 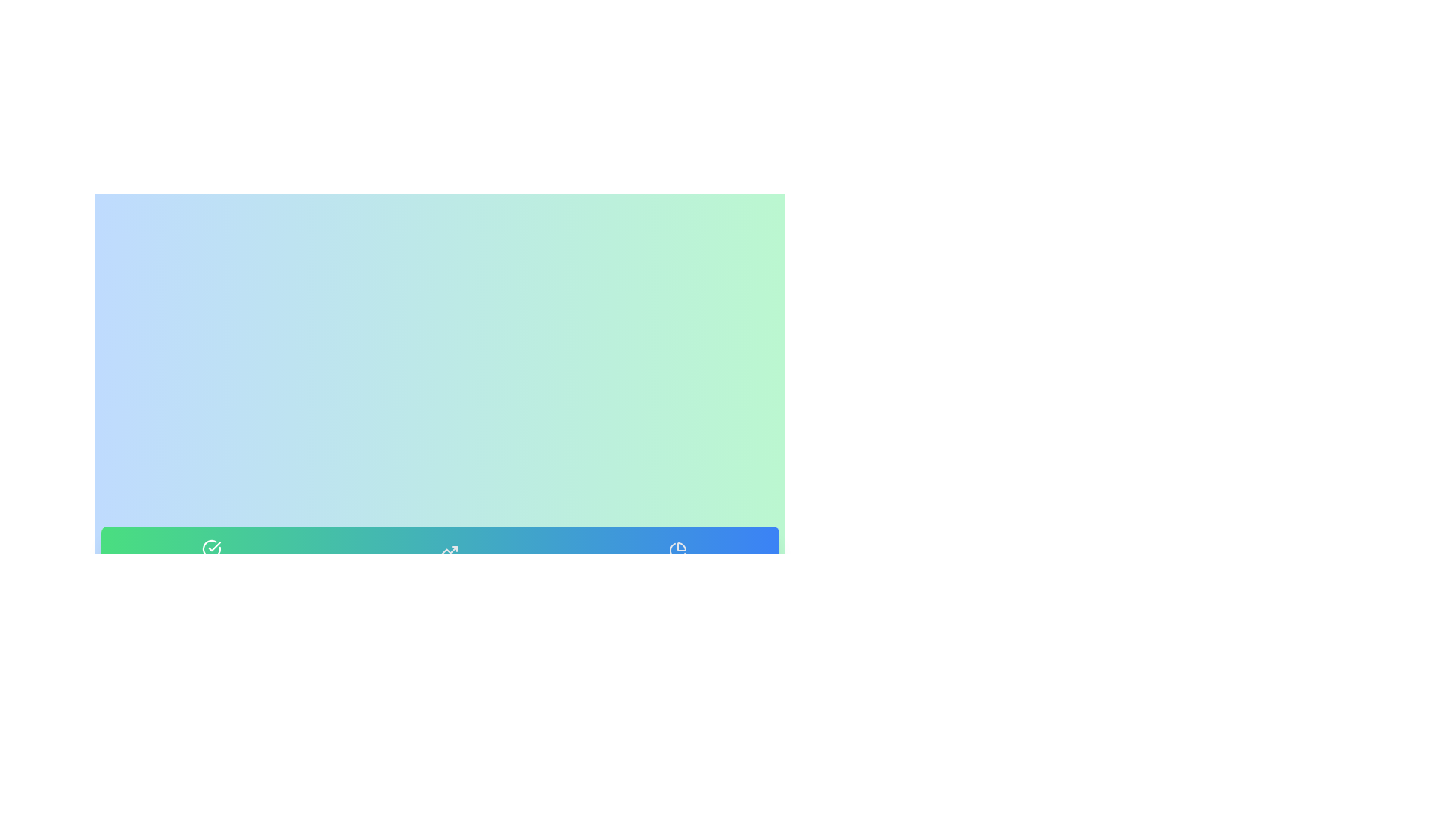 What do you see at coordinates (449, 566) in the screenshot?
I see `the tab labeled Weekly Progress` at bounding box center [449, 566].